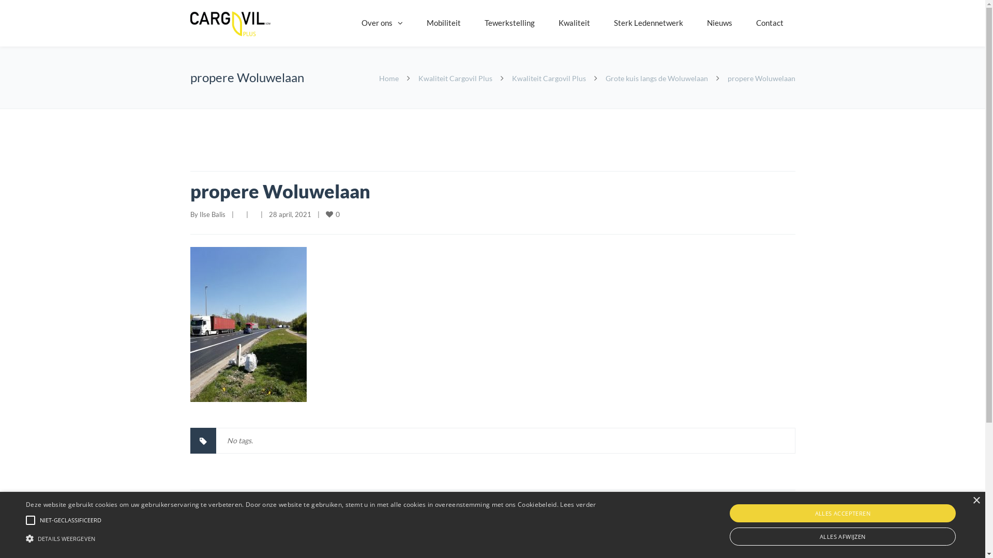 The image size is (993, 558). Describe the element at coordinates (350, 23) in the screenshot. I see `'Over ons'` at that location.